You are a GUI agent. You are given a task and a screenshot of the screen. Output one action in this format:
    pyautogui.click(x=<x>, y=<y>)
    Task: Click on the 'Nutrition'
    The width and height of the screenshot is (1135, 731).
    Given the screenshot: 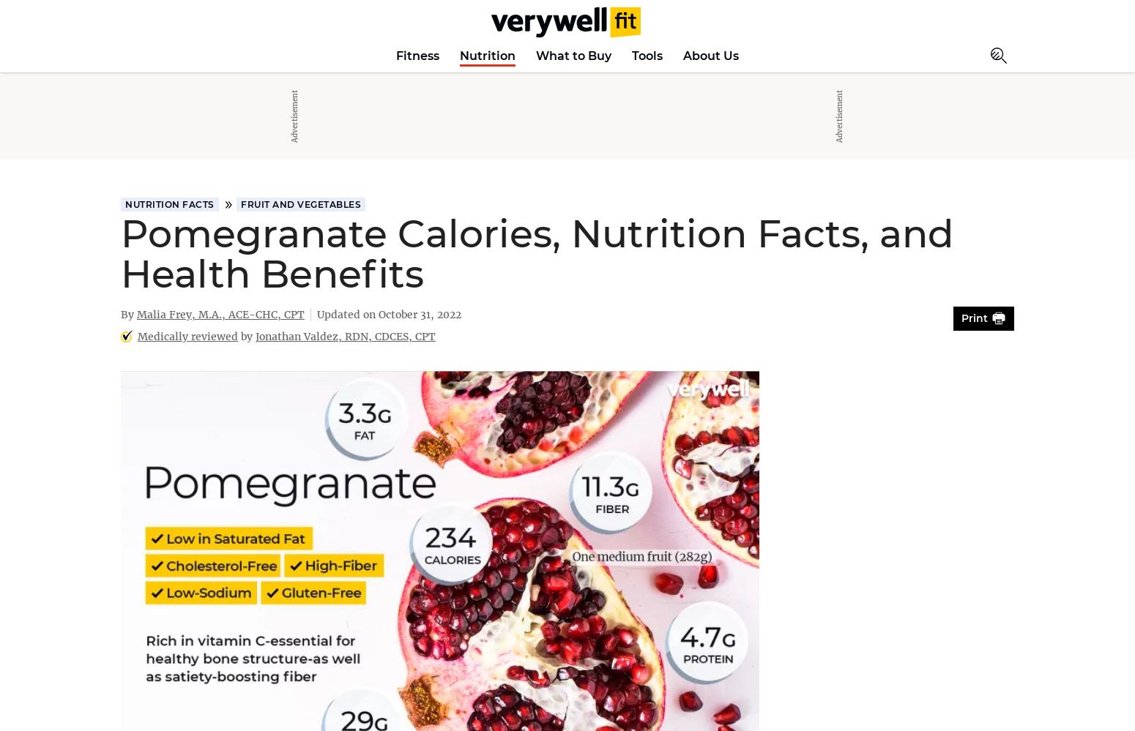 What is the action you would take?
    pyautogui.click(x=487, y=55)
    